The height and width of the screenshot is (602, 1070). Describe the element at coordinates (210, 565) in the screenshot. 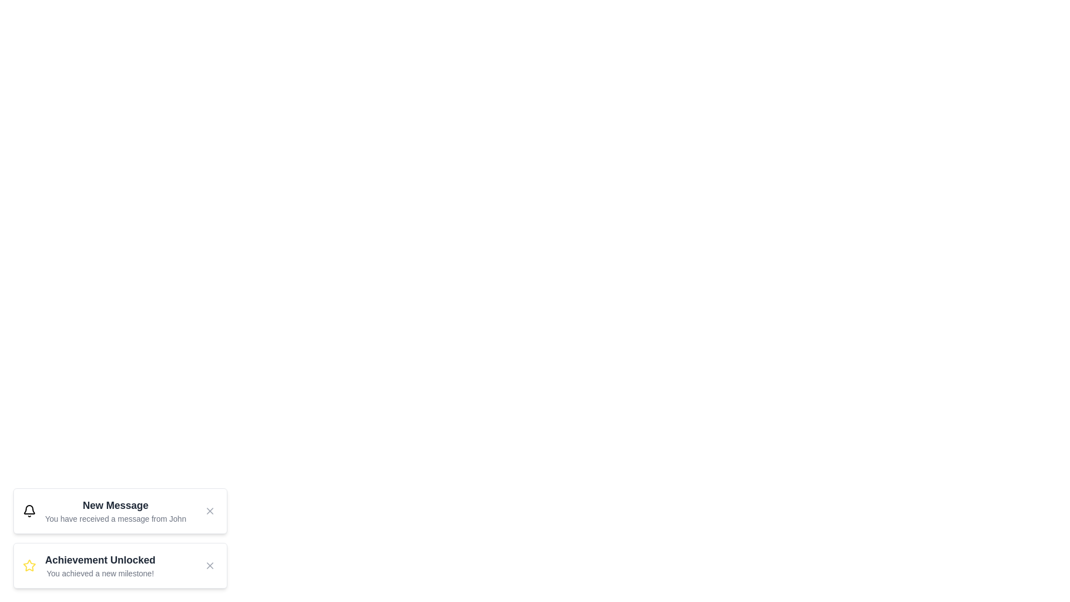

I see `the close button of the notification with title Achievement Unlocked` at that location.